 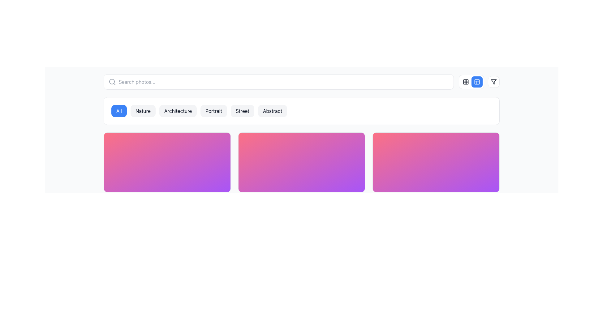 I want to click on the central cell of the 3x3 grid icon located on the rightmost part of the toolbar at the top of the interface, so click(x=466, y=82).